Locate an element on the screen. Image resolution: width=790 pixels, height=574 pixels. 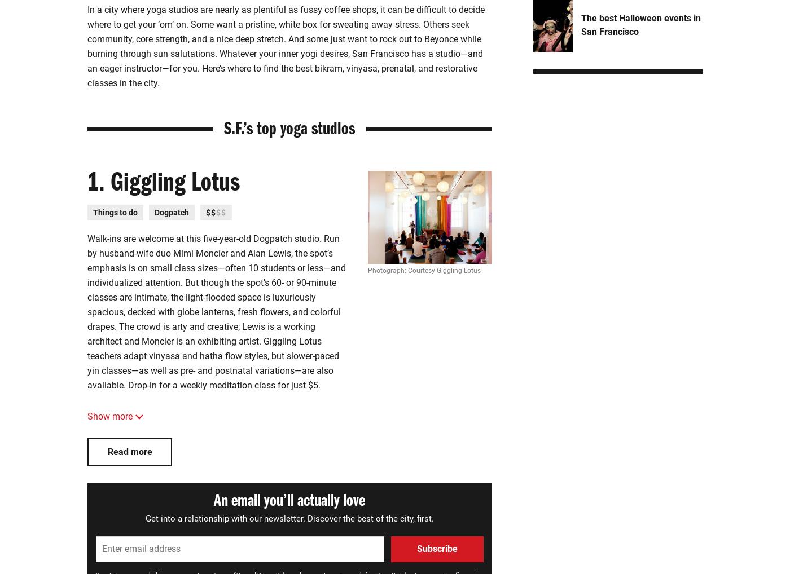
'Photograph: Courtesy Giggling Lotus' is located at coordinates (423, 270).